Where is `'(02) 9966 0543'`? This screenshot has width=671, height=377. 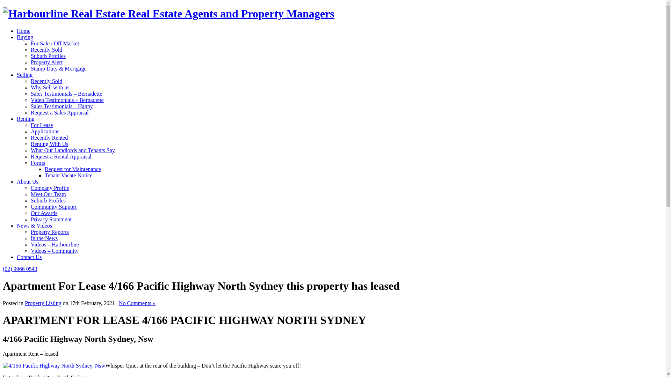 '(02) 9966 0543' is located at coordinates (3, 268).